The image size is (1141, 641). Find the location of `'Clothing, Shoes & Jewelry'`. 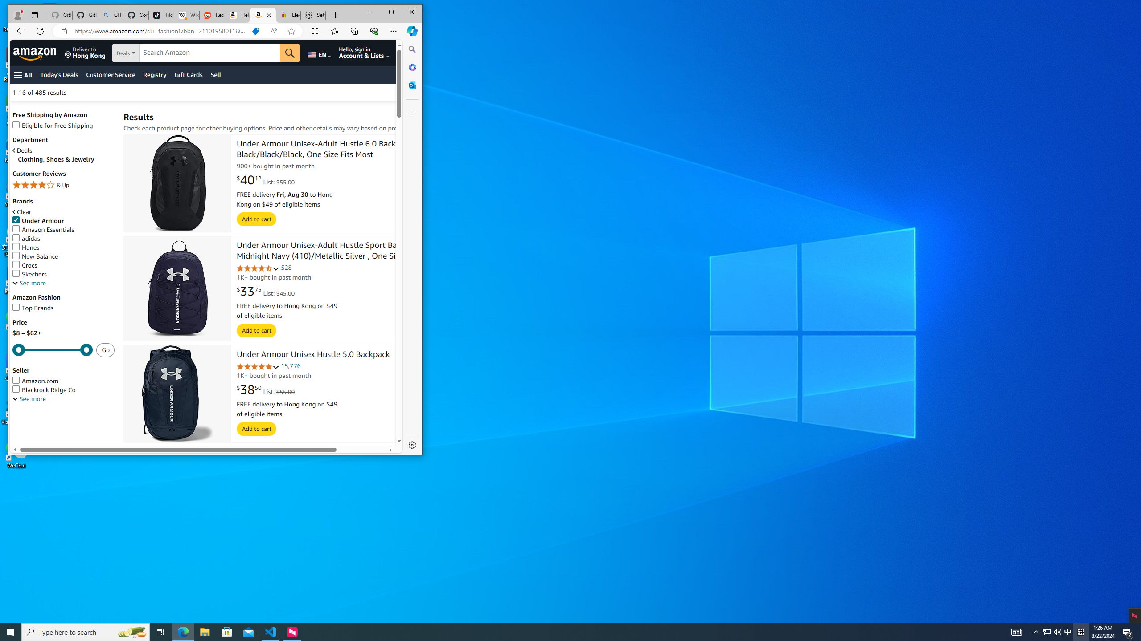

'Clothing, Shoes & Jewelry' is located at coordinates (66, 159).